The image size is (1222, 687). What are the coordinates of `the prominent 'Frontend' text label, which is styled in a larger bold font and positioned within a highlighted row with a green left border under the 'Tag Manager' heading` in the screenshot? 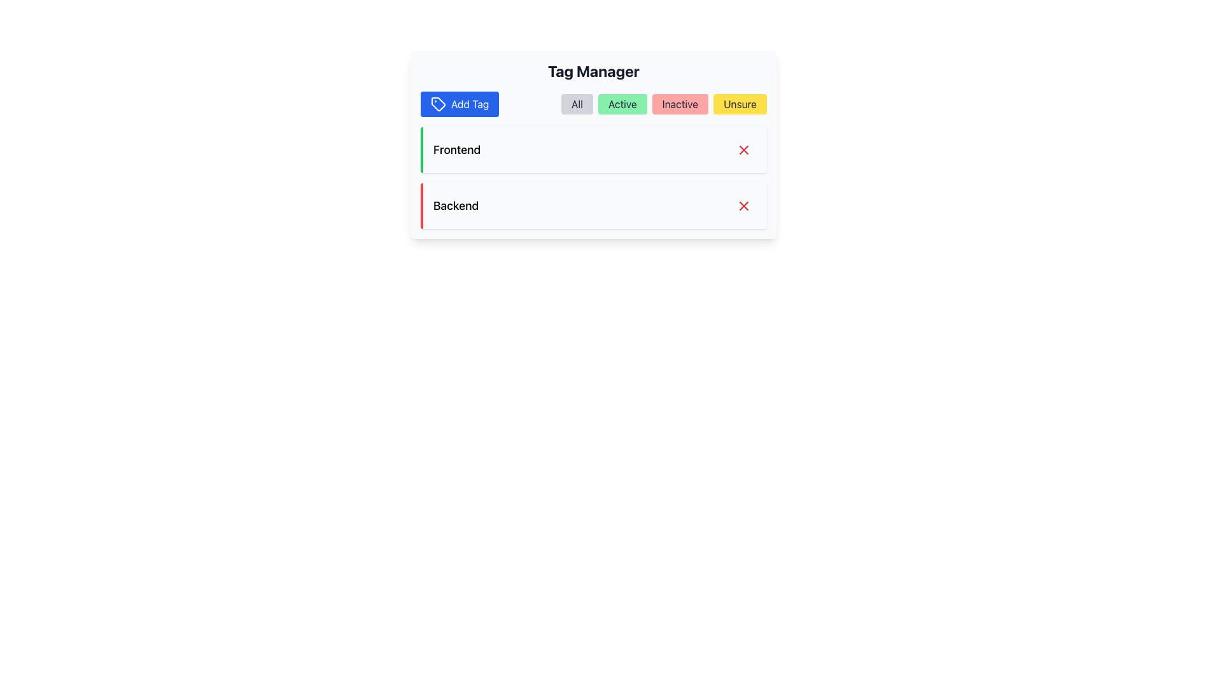 It's located at (457, 149).